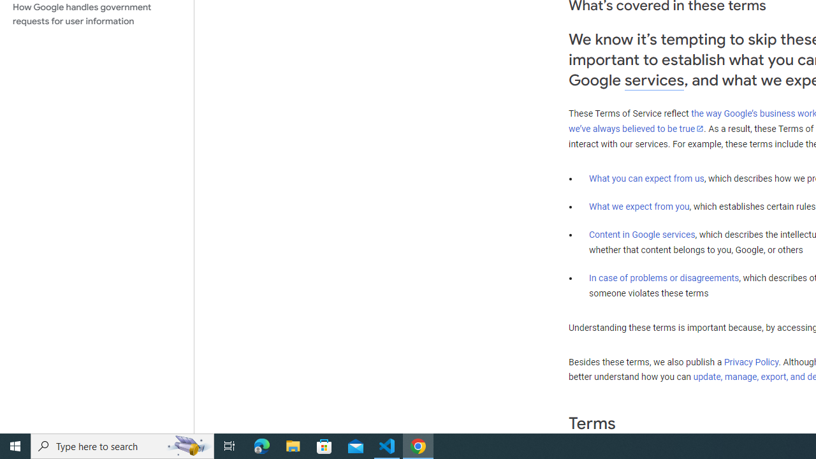 The width and height of the screenshot is (816, 459). I want to click on 'In case of problems or disagreements', so click(663, 277).